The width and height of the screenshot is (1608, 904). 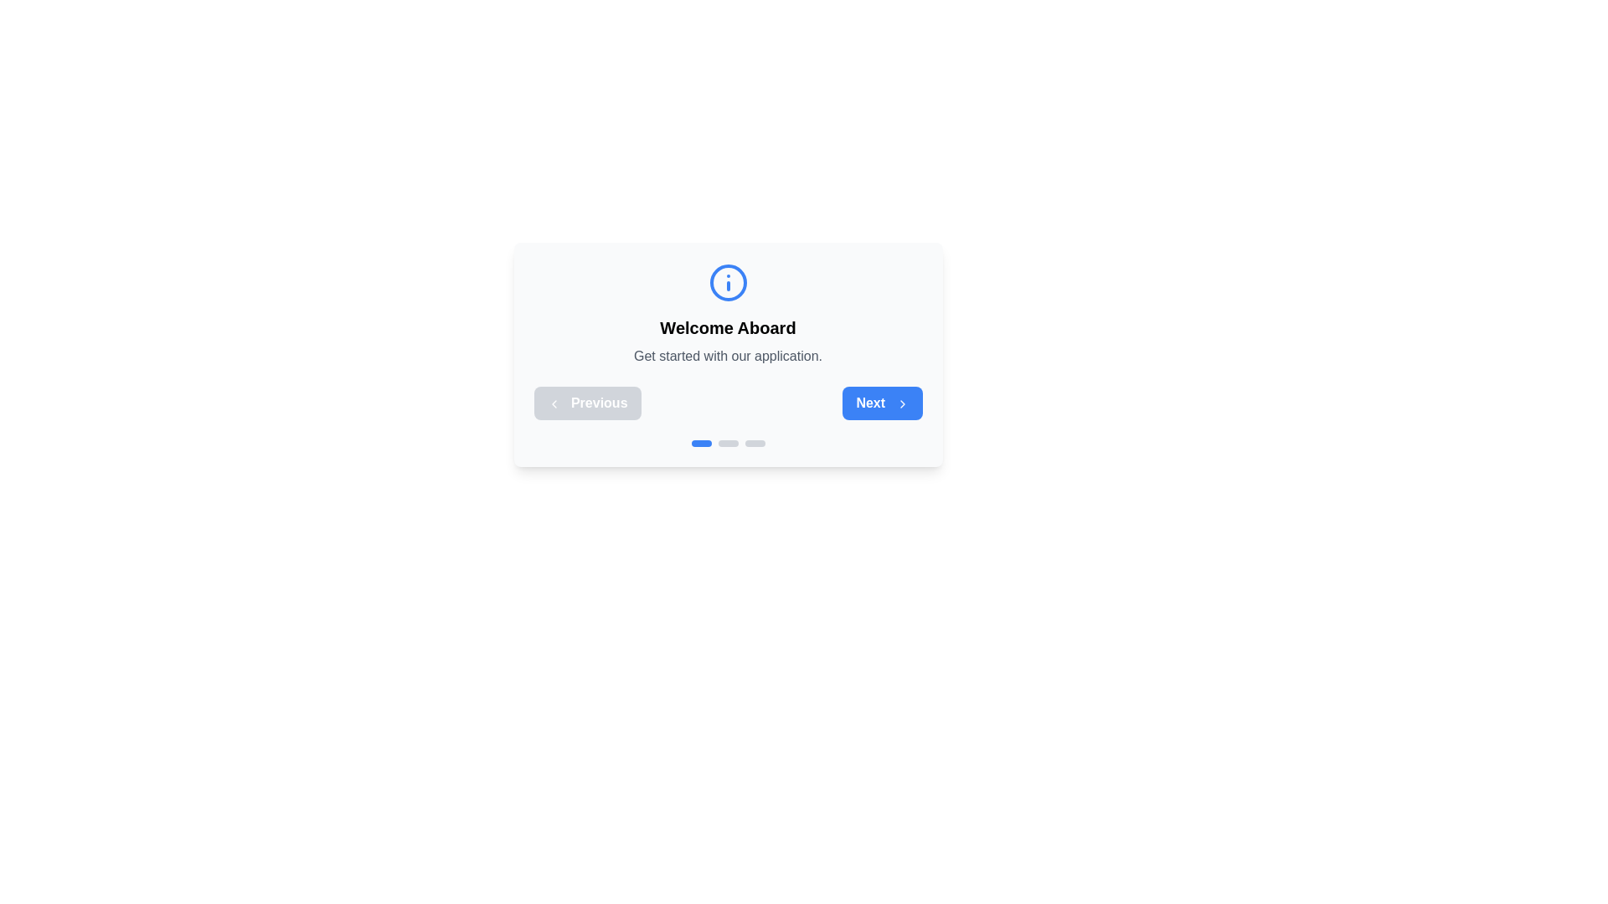 What do you see at coordinates (728, 442) in the screenshot?
I see `the second pagination indicator in the inactive state, which is a small gray rectangular indicator with rounded edges located at the bottom center of the interface` at bounding box center [728, 442].